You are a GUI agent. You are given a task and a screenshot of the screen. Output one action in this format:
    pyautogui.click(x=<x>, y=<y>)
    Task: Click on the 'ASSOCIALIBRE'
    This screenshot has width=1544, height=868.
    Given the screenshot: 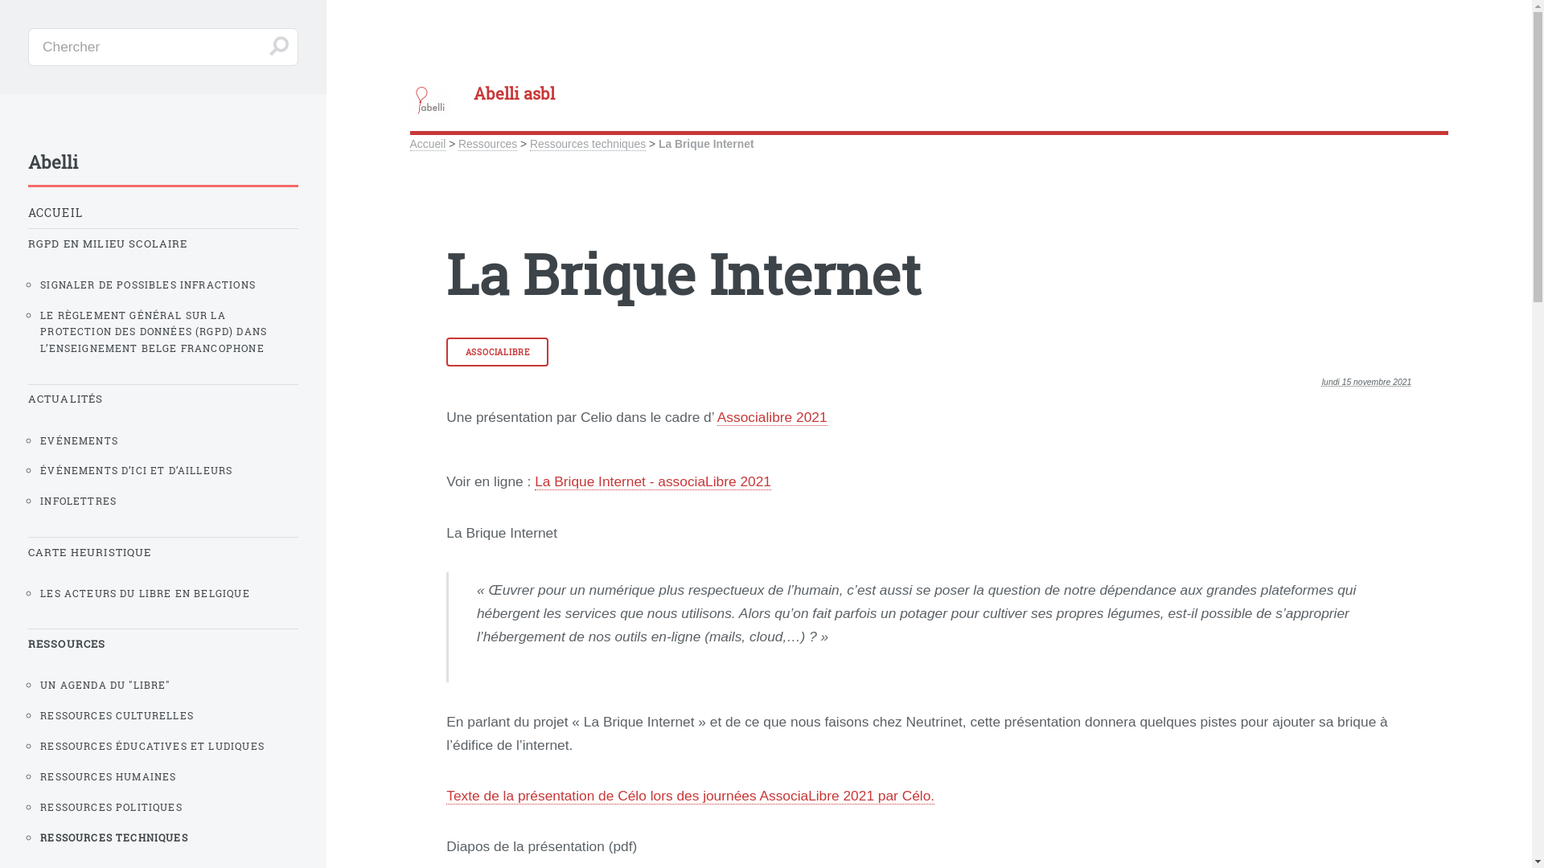 What is the action you would take?
    pyautogui.click(x=496, y=351)
    